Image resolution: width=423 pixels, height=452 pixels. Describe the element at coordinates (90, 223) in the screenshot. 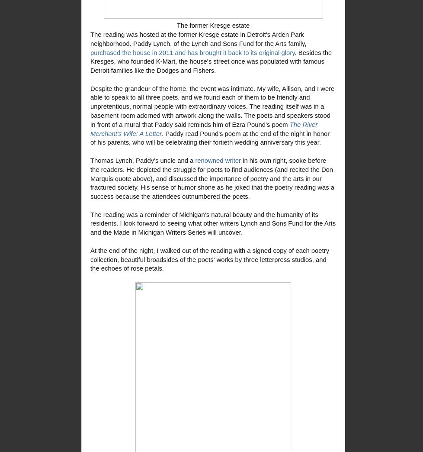

I see `'natural beauty and the humanity of its residents. I look forward to seeing what other writers Lynch and Sons Fund for the Arts and the Made in Michigan Writers Series will uncover.'` at that location.